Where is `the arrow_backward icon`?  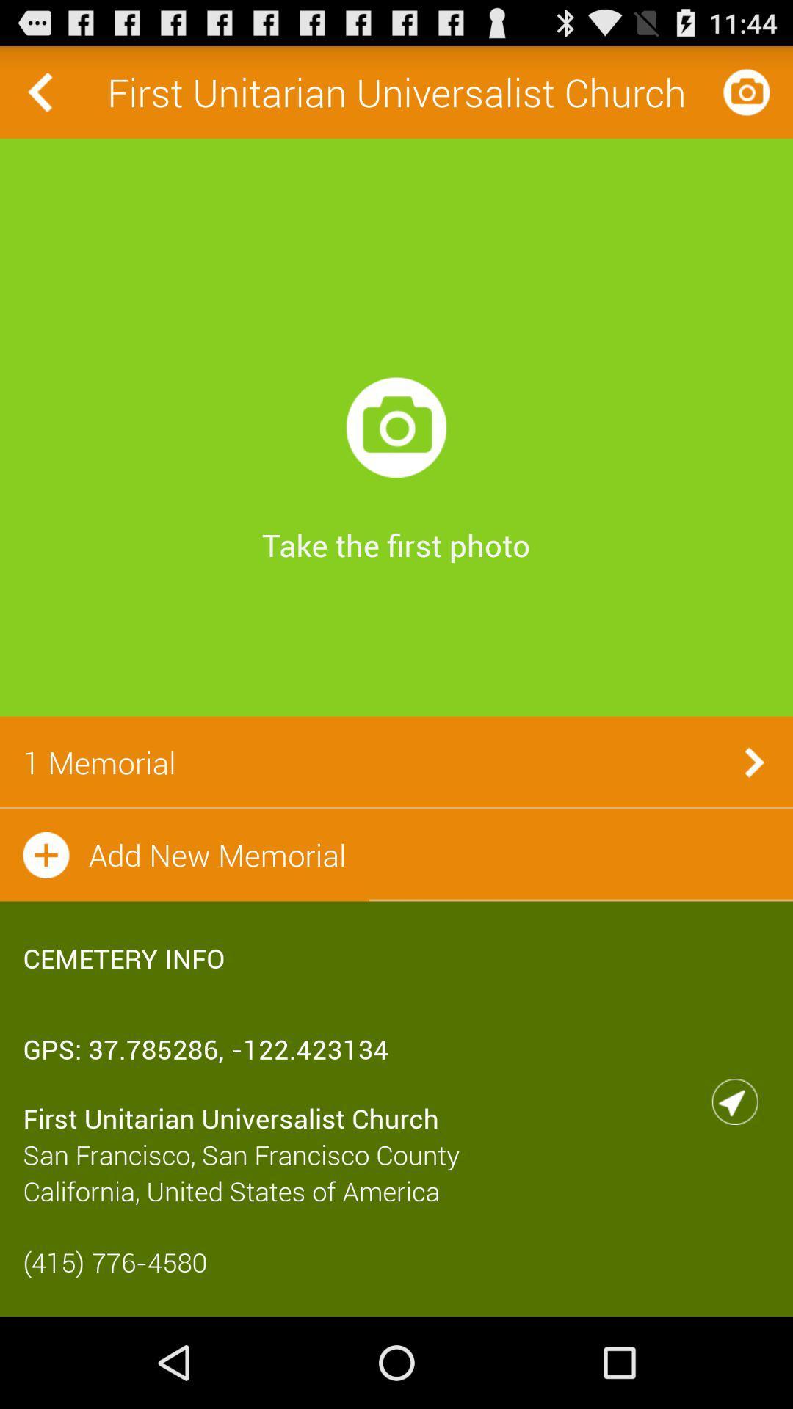
the arrow_backward icon is located at coordinates (45, 98).